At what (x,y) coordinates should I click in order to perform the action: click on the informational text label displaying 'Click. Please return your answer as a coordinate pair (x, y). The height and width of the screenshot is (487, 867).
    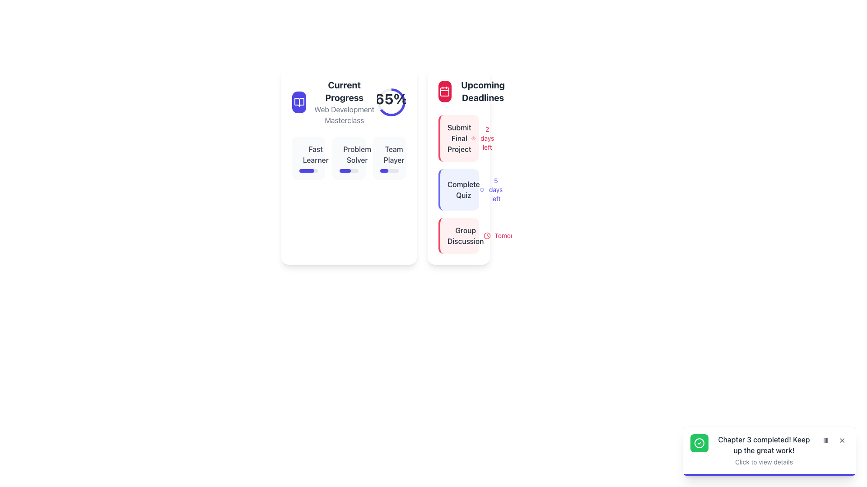
    Looking at the image, I should click on (763, 462).